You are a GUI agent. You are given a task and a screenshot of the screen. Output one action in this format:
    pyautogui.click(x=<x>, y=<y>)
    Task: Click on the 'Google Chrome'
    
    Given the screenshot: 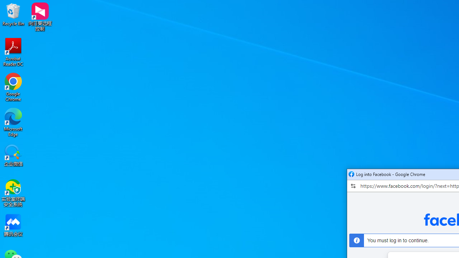 What is the action you would take?
    pyautogui.click(x=13, y=87)
    